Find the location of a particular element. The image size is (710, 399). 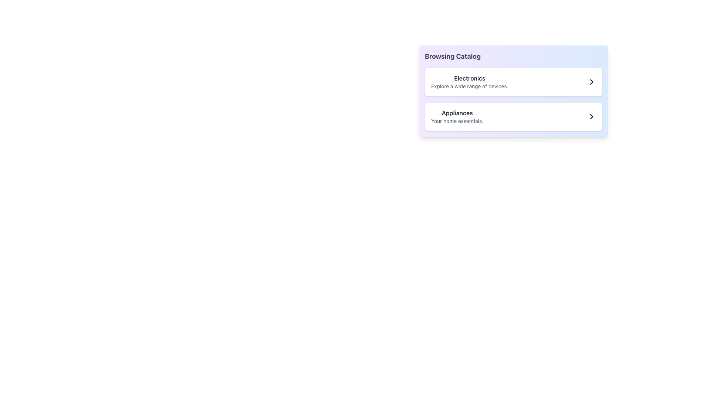

the header text label that introduces the catalog items section, located at the top-left corner of its widget above the 'Electronics' and 'Appliances' list items is located at coordinates (452, 56).